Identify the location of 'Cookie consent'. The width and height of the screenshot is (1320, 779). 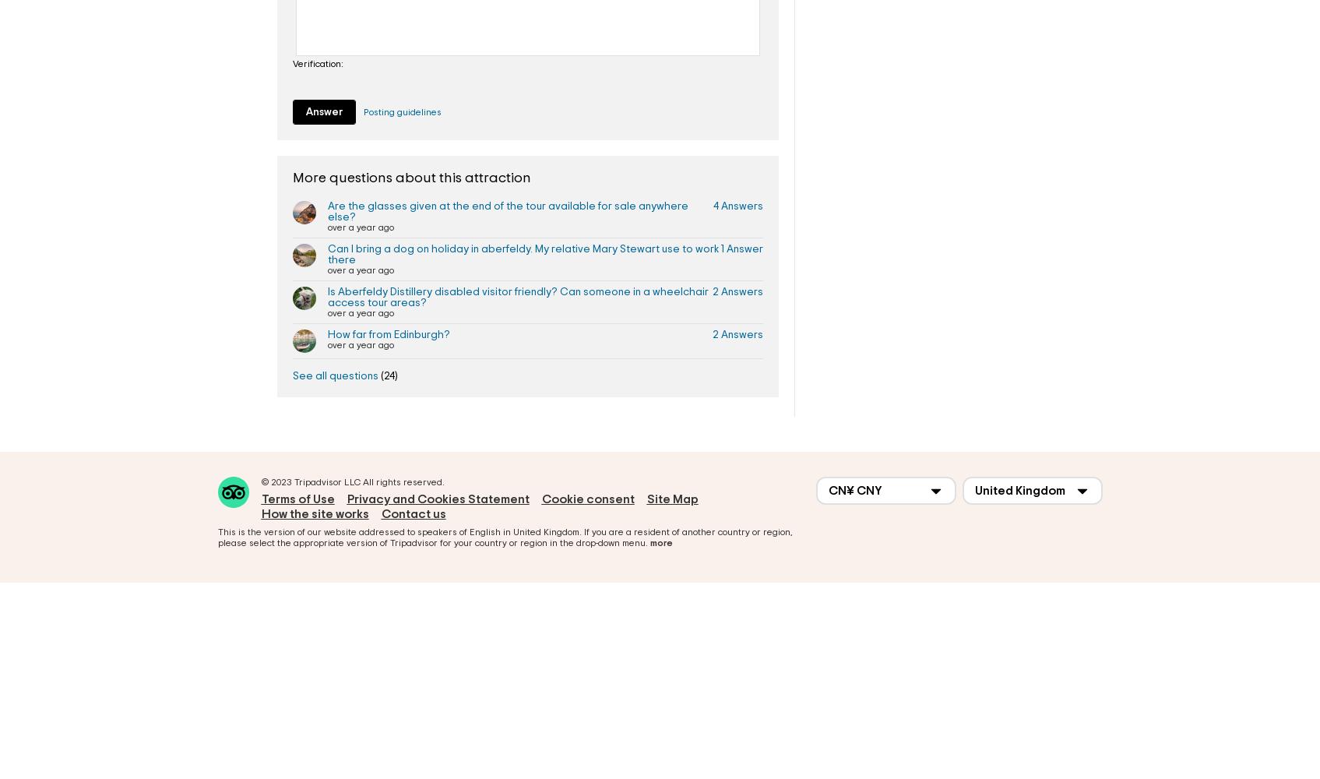
(540, 499).